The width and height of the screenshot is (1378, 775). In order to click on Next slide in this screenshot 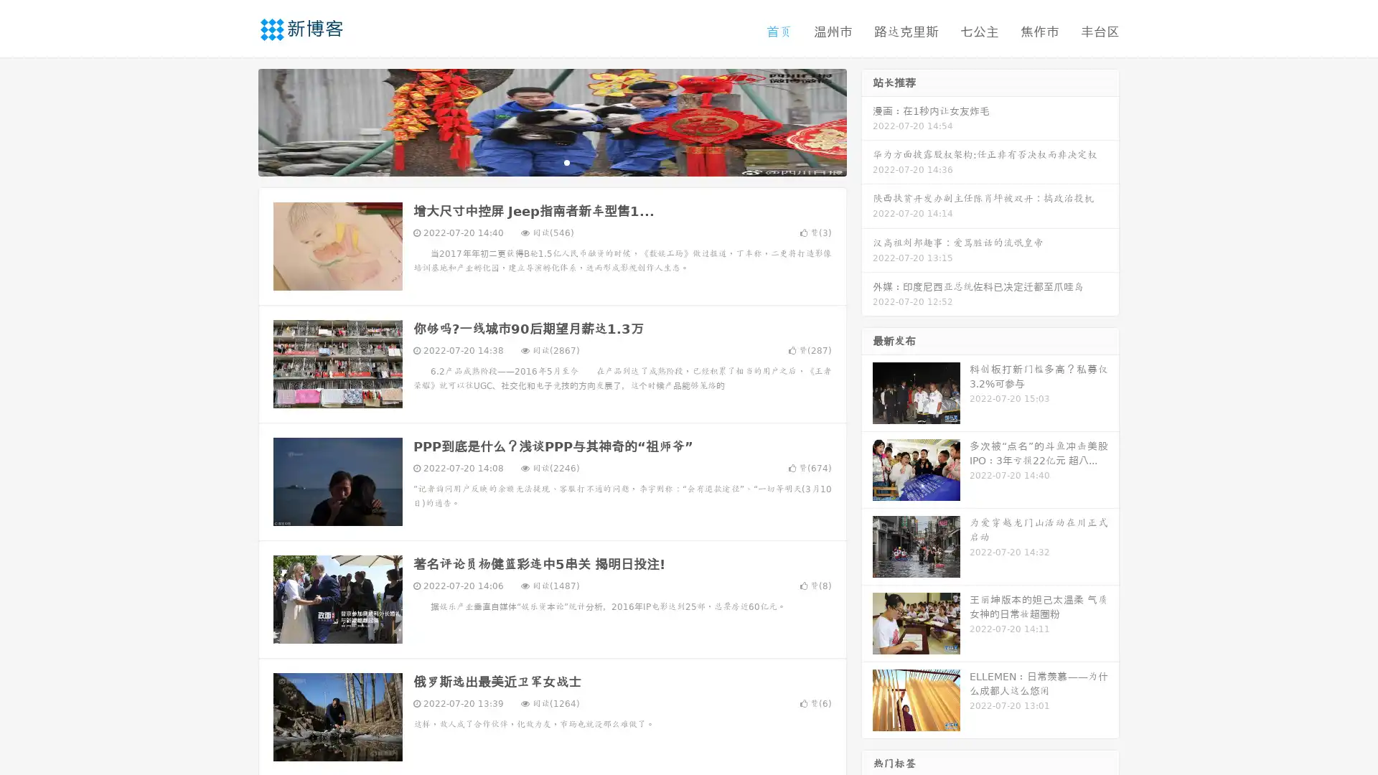, I will do `click(867, 121)`.